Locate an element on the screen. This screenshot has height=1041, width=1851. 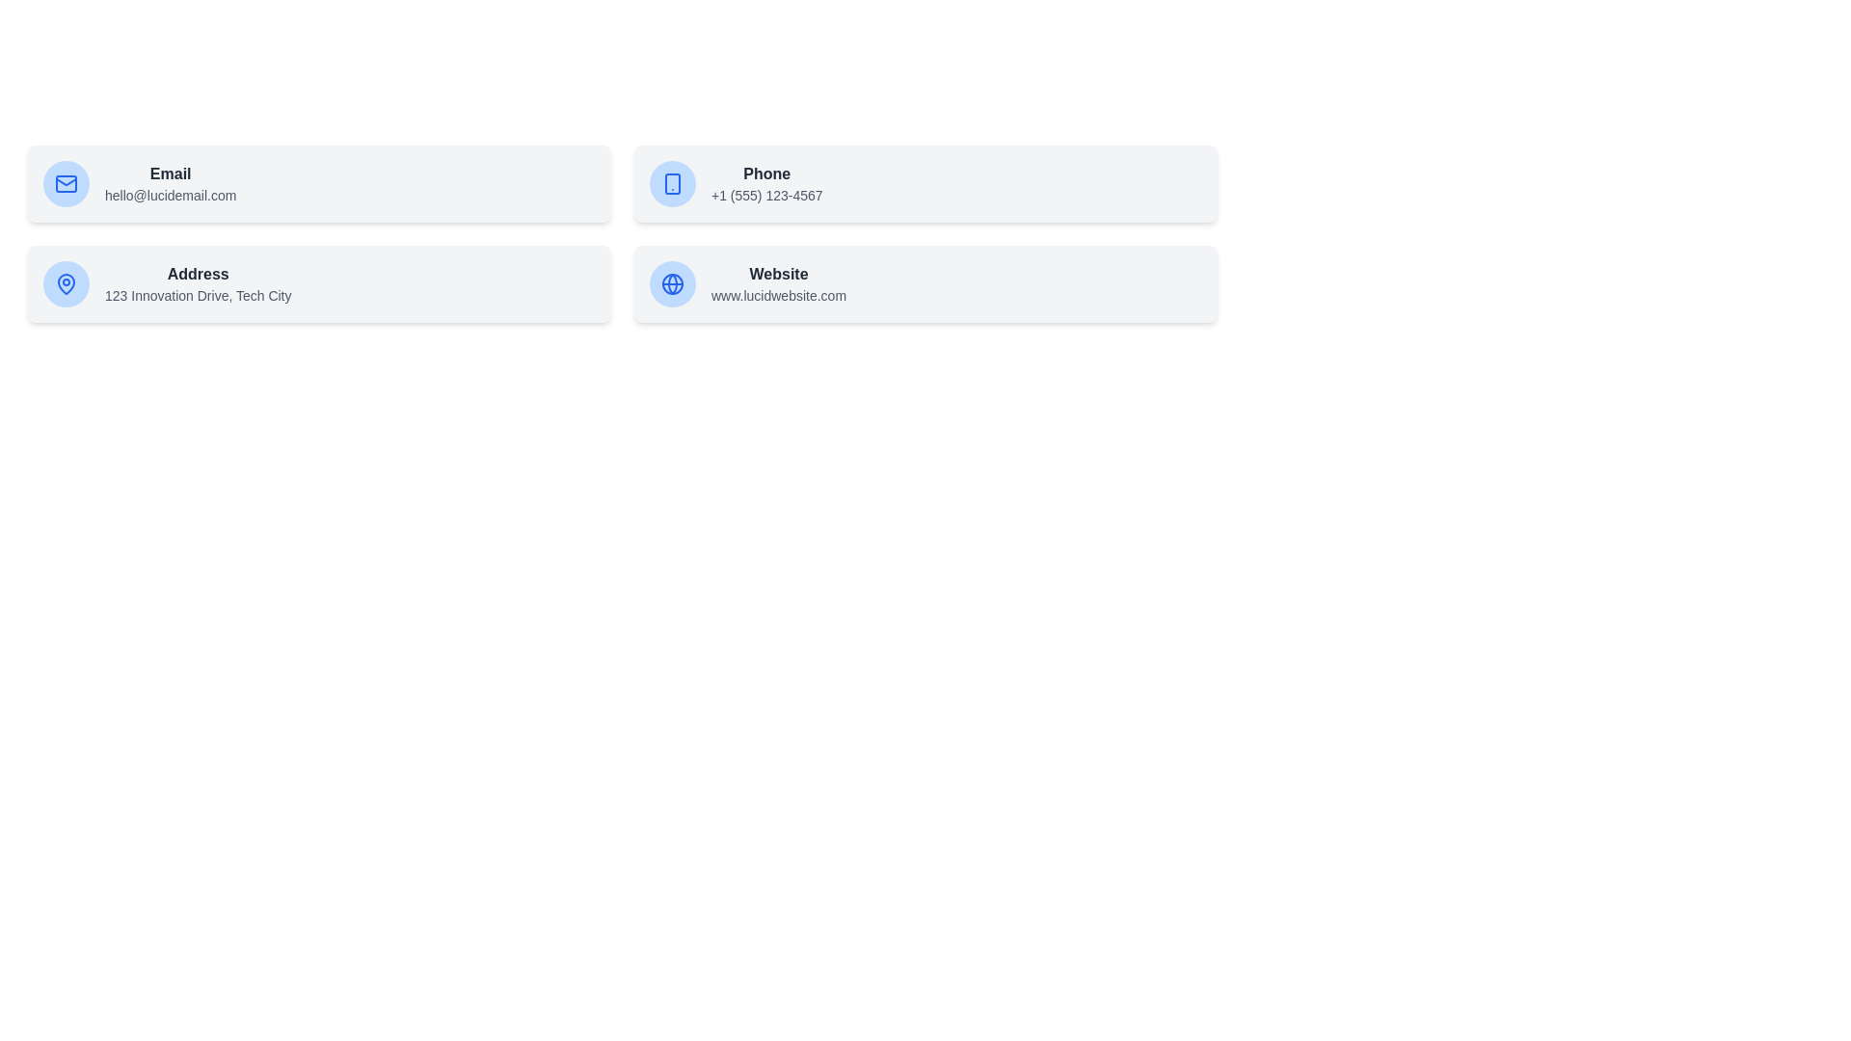
the decorative SVG circle element that represents web-related content in the 'Website' information block, which is the circular outline in the blue icon on the left side of the text is located at coordinates (672, 283).